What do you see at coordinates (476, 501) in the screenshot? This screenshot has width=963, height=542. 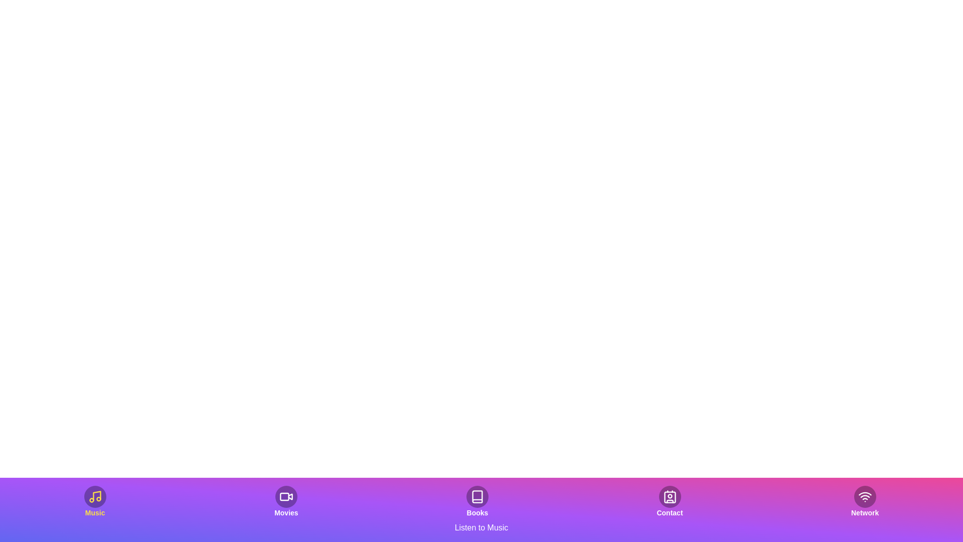 I see `the button labeled 'Books' to observe the visual effect` at bounding box center [476, 501].